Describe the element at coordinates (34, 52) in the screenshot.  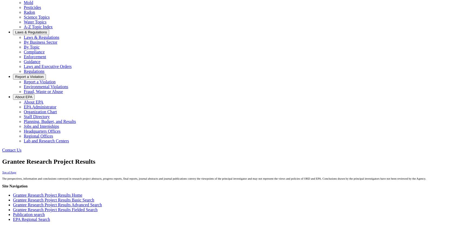
I see `'Compliance'` at that location.